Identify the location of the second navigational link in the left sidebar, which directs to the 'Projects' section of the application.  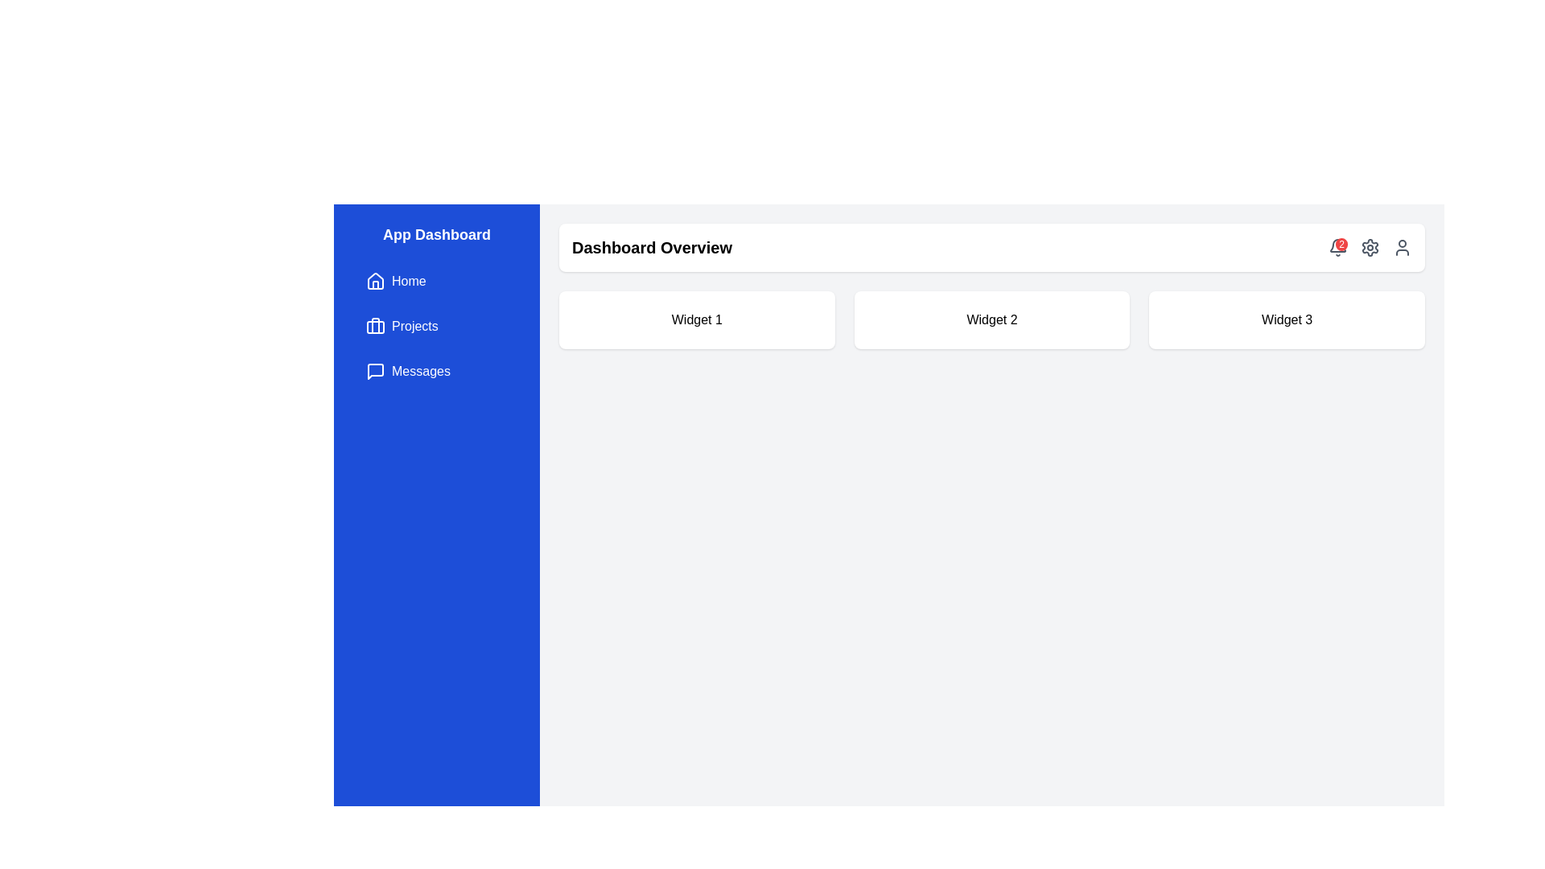
(436, 326).